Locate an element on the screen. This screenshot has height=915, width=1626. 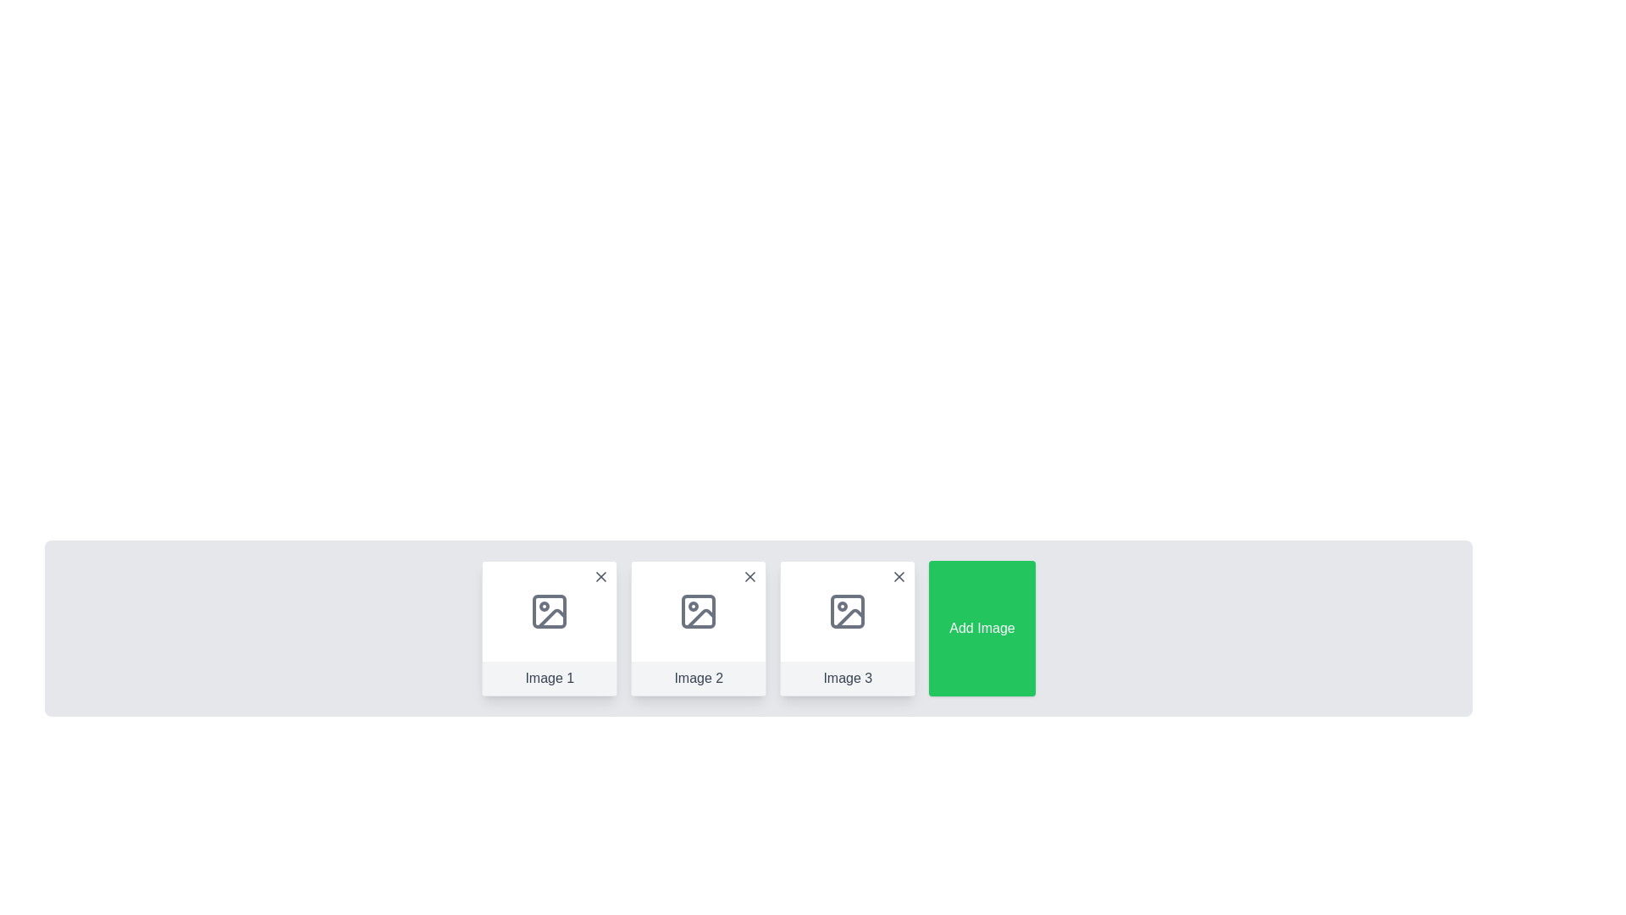
the decorative graphical component of the icon located at the lower-right corner of the third image placeholder icon from the left, which is part of the graphical representation for 'Image 3' is located at coordinates (850, 618).